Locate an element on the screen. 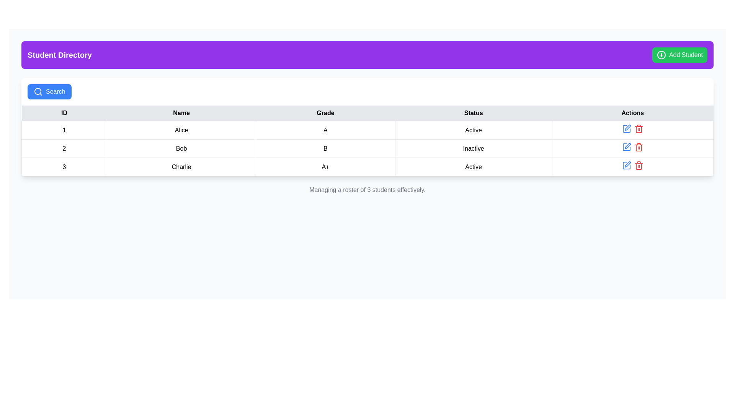 The width and height of the screenshot is (735, 413). the static text display that shows the roster count and management status, located below the student table is located at coordinates (367, 190).